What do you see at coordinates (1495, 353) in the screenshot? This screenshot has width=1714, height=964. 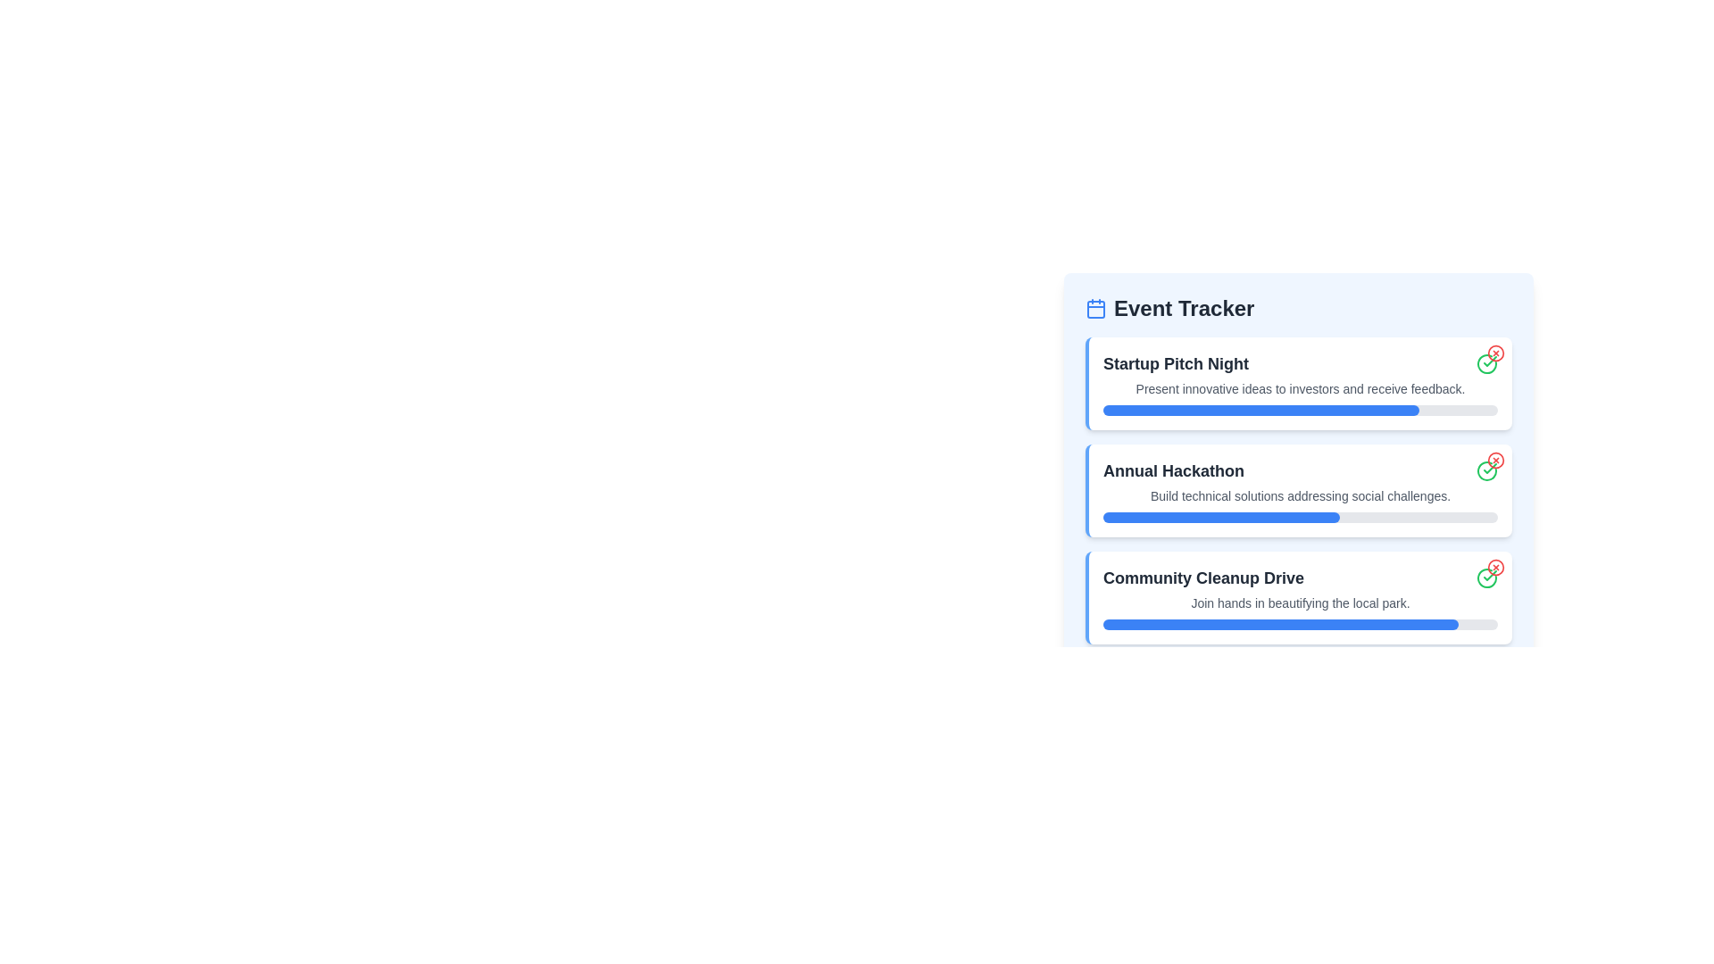 I see `the dismiss button located in the top-right corner of the event card within the 'Event Tracker' section` at bounding box center [1495, 353].